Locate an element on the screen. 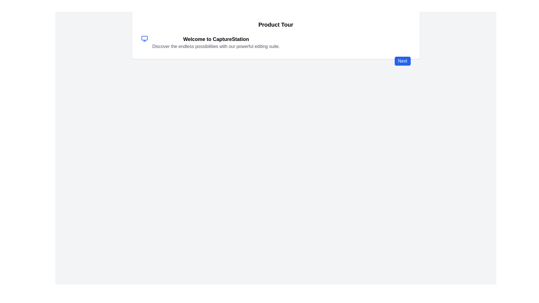 The height and width of the screenshot is (303, 539). the decorative monitor icon located to the left of the text 'Welcome to CaptureStation' in the header section is located at coordinates (144, 38).